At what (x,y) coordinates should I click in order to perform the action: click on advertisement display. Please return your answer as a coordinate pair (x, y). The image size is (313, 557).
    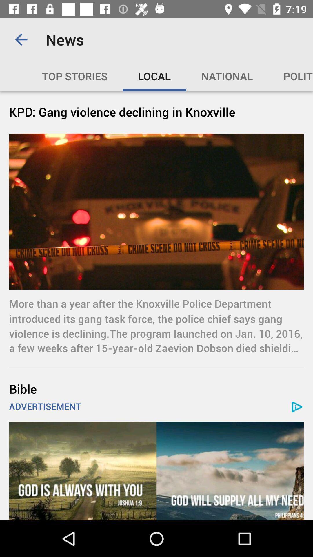
    Looking at the image, I should click on (156, 471).